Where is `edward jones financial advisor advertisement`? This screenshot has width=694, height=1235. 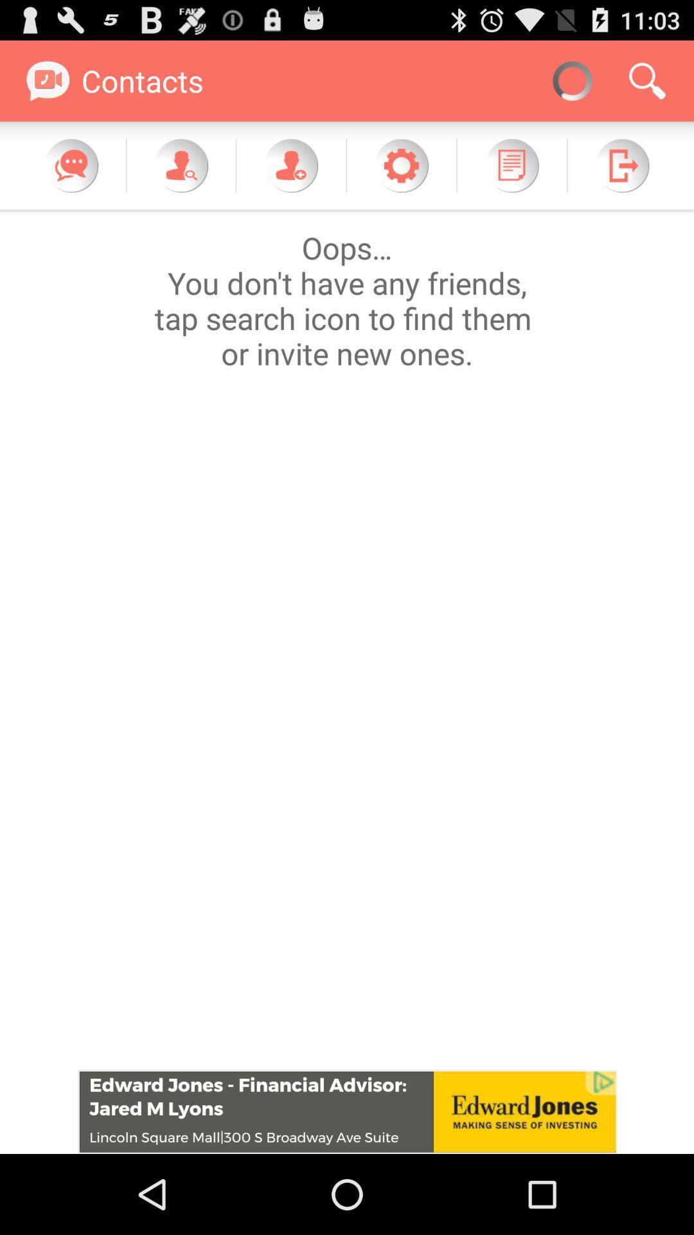
edward jones financial advisor advertisement is located at coordinates (347, 1111).